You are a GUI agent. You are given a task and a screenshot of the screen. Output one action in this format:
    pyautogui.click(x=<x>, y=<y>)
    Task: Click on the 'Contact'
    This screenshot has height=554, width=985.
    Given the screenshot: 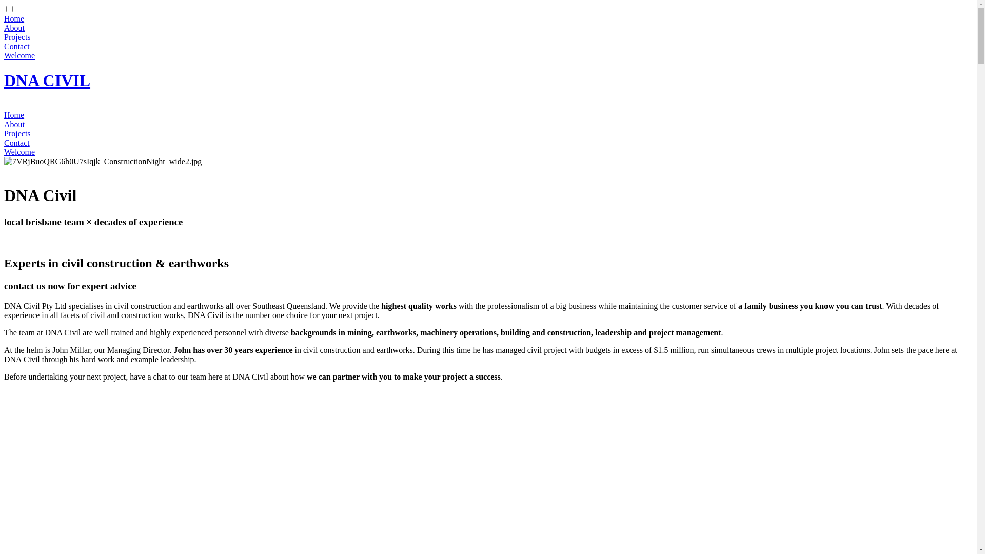 What is the action you would take?
    pyautogui.click(x=17, y=46)
    